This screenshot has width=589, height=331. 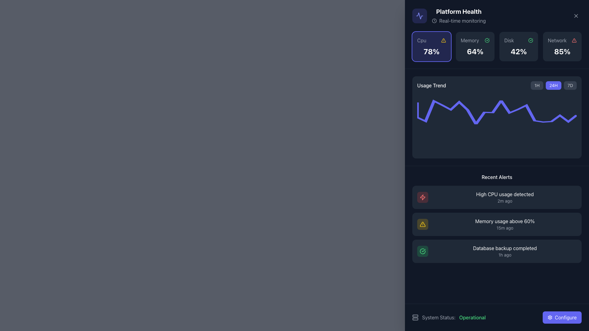 I want to click on the 'Network' label with the alert icon, so click(x=562, y=40).